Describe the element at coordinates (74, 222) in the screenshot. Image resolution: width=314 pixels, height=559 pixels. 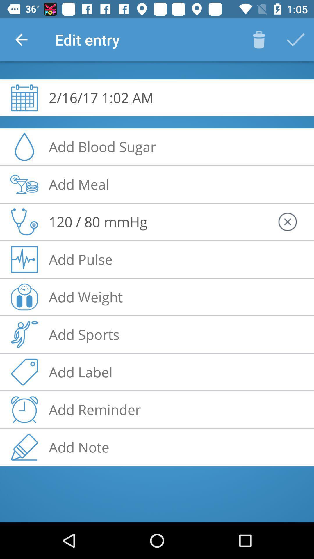
I see `120  80` at that location.